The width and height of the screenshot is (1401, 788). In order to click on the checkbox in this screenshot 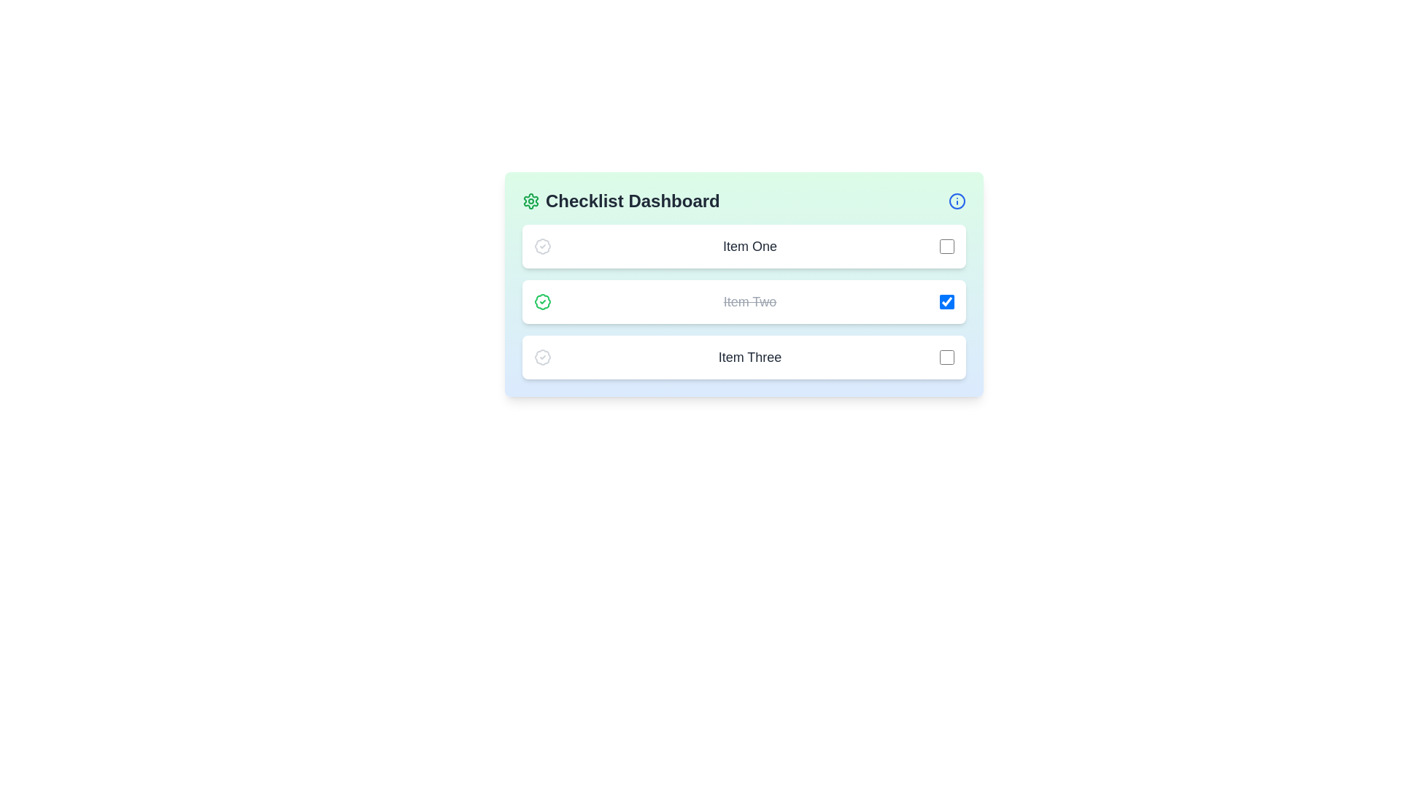, I will do `click(946, 301)`.